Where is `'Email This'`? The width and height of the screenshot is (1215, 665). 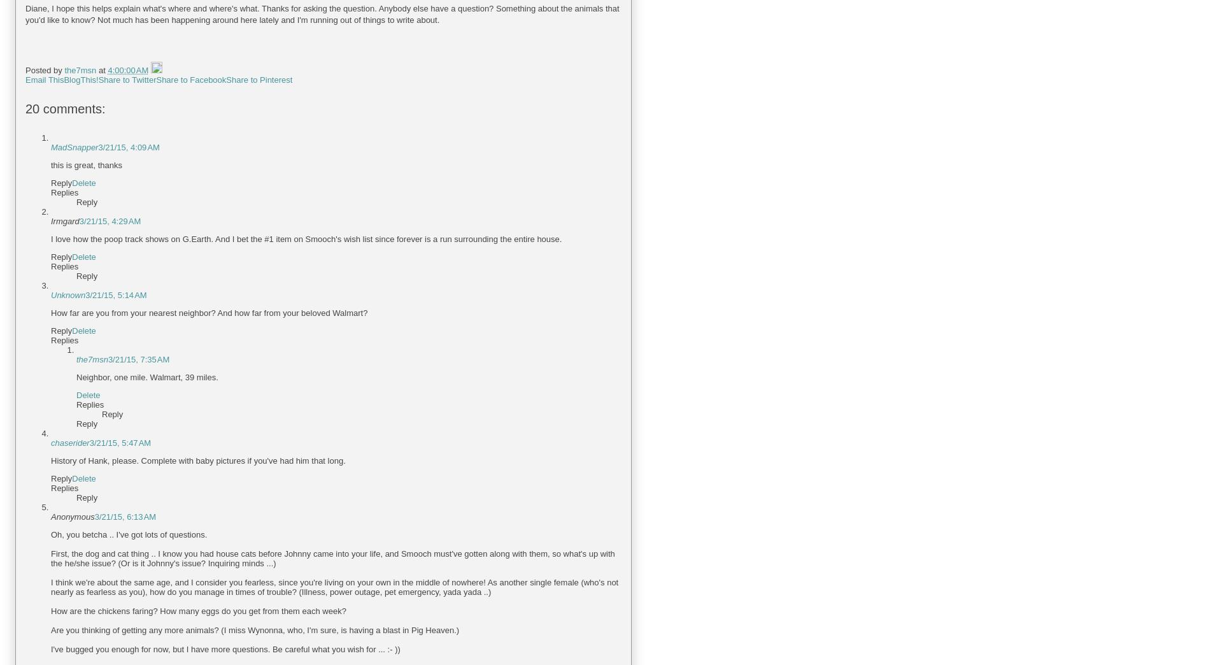
'Email This' is located at coordinates (44, 80).